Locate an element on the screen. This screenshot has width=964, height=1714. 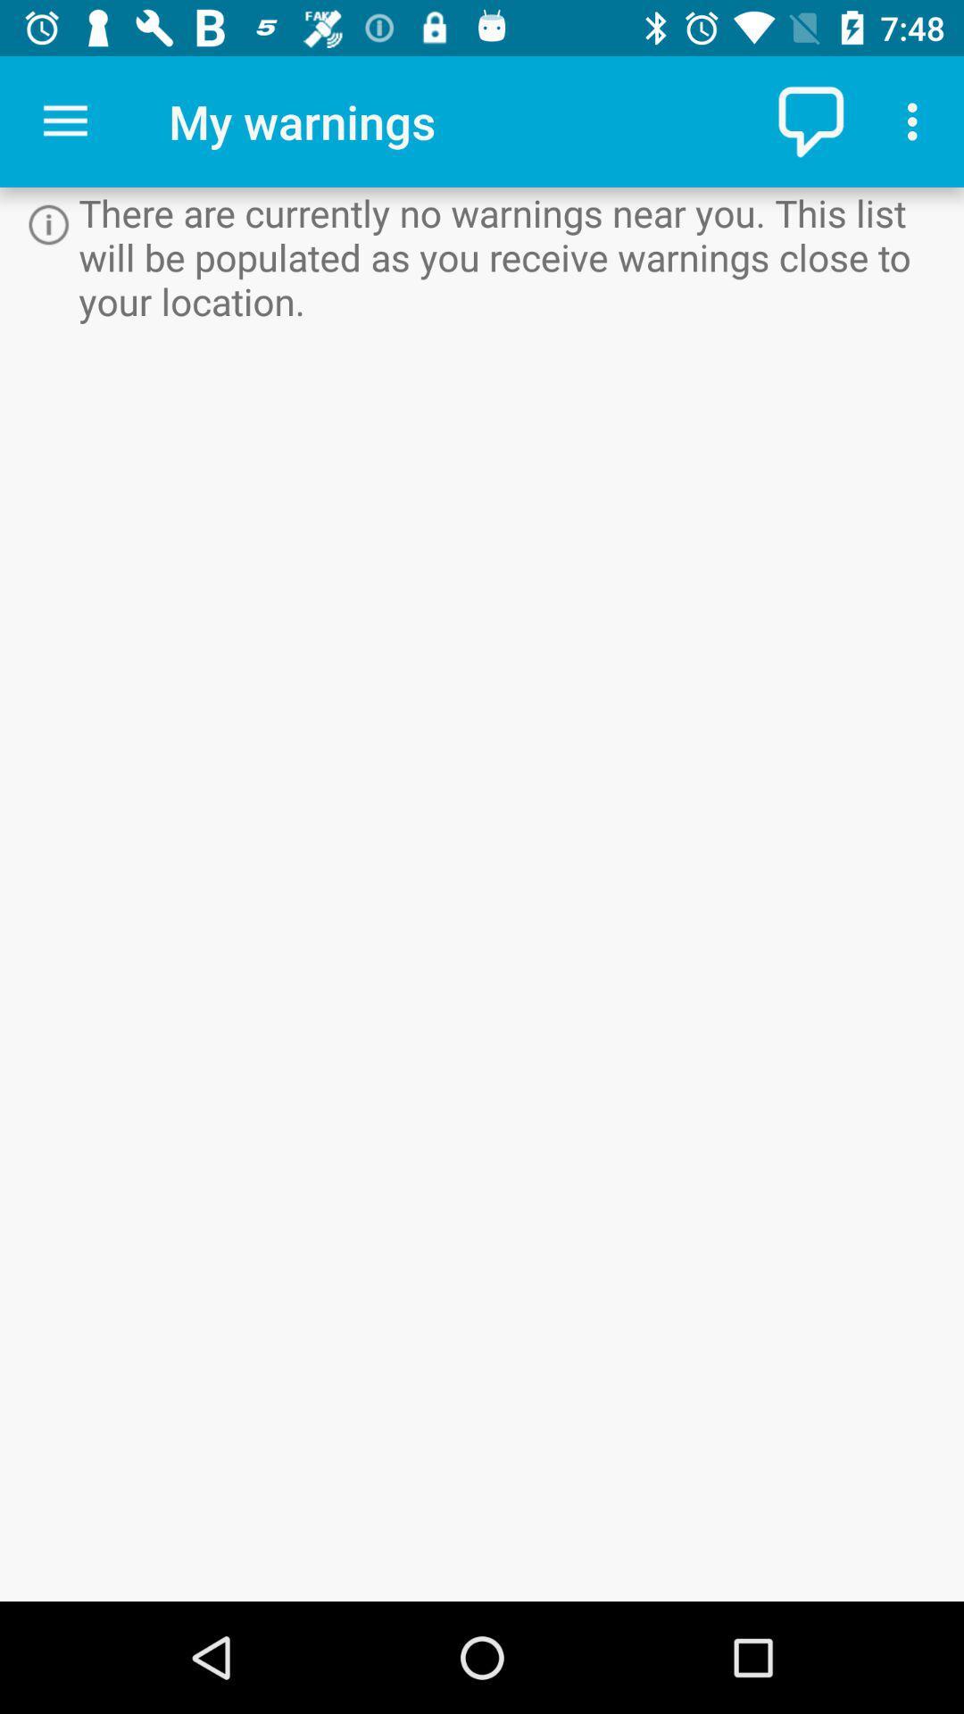
app next to my warnings item is located at coordinates (64, 121).